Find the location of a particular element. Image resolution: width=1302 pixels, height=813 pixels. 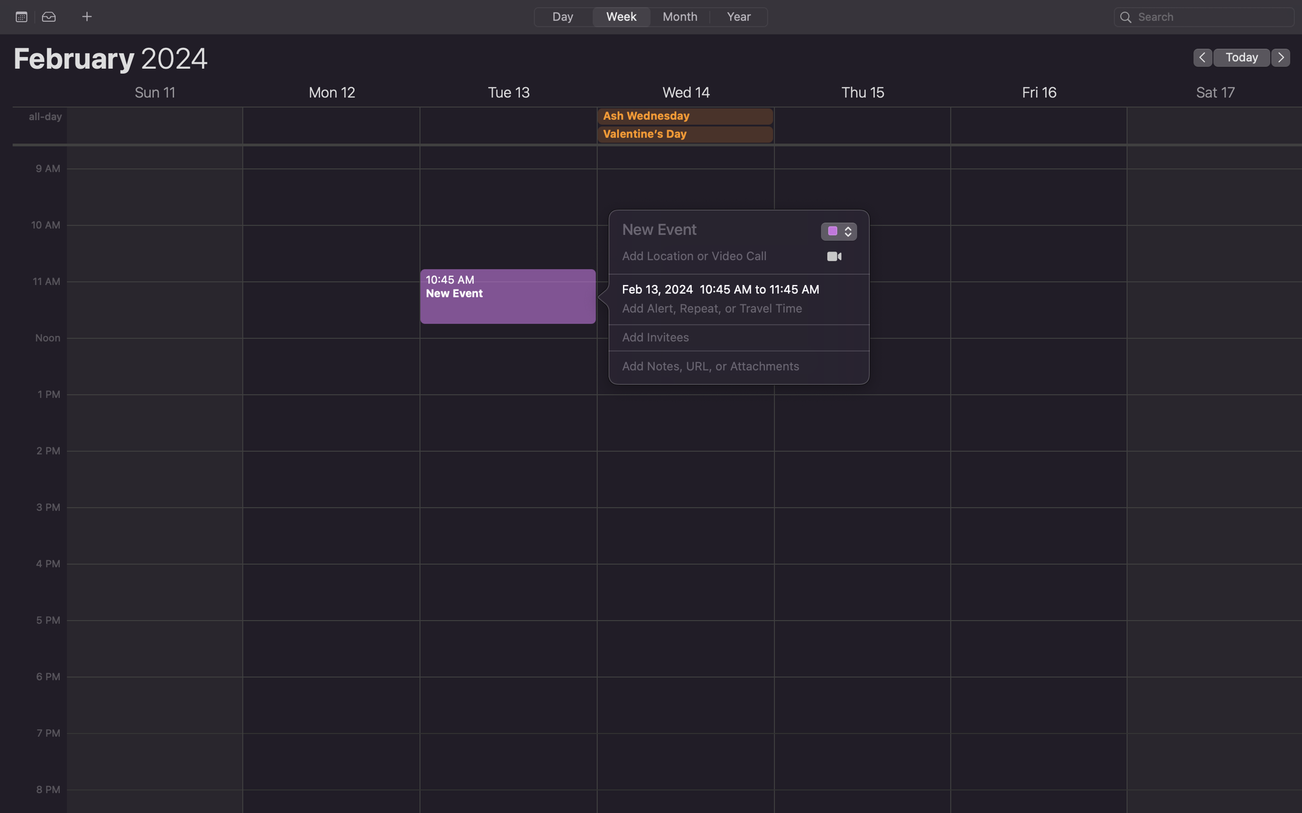

Write the message "Please RSVP by Friday" in the notes field is located at coordinates (727, 367).